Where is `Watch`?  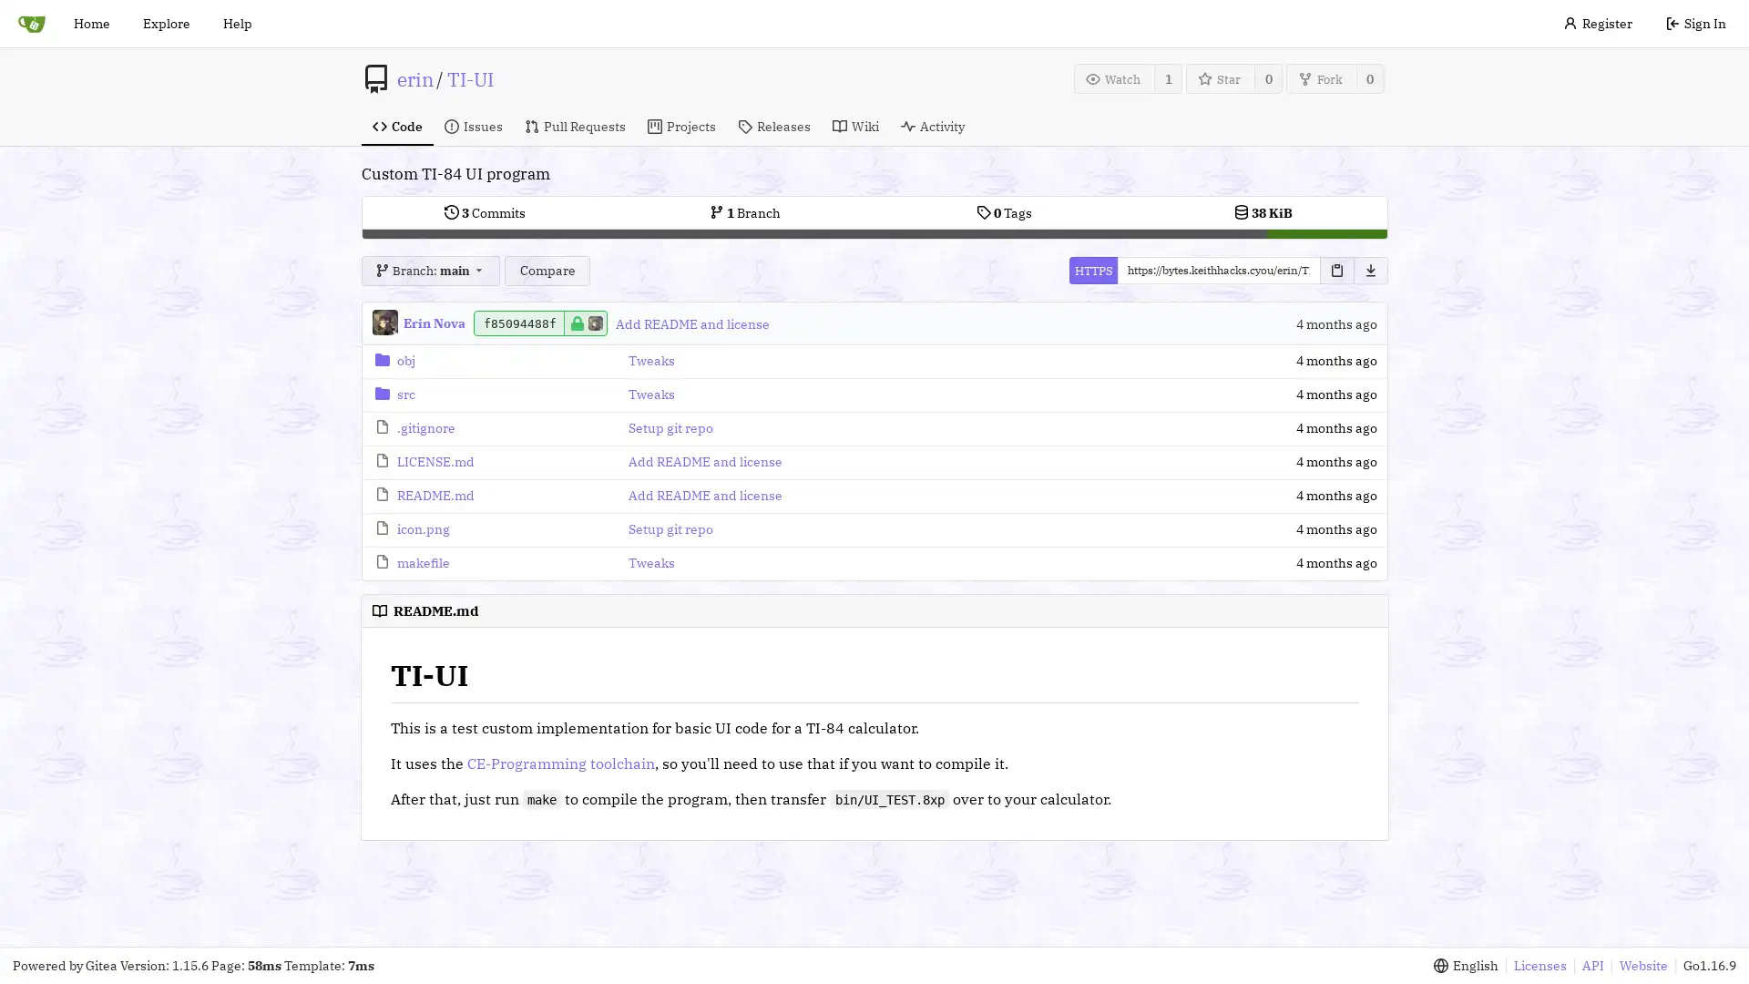 Watch is located at coordinates (1113, 77).